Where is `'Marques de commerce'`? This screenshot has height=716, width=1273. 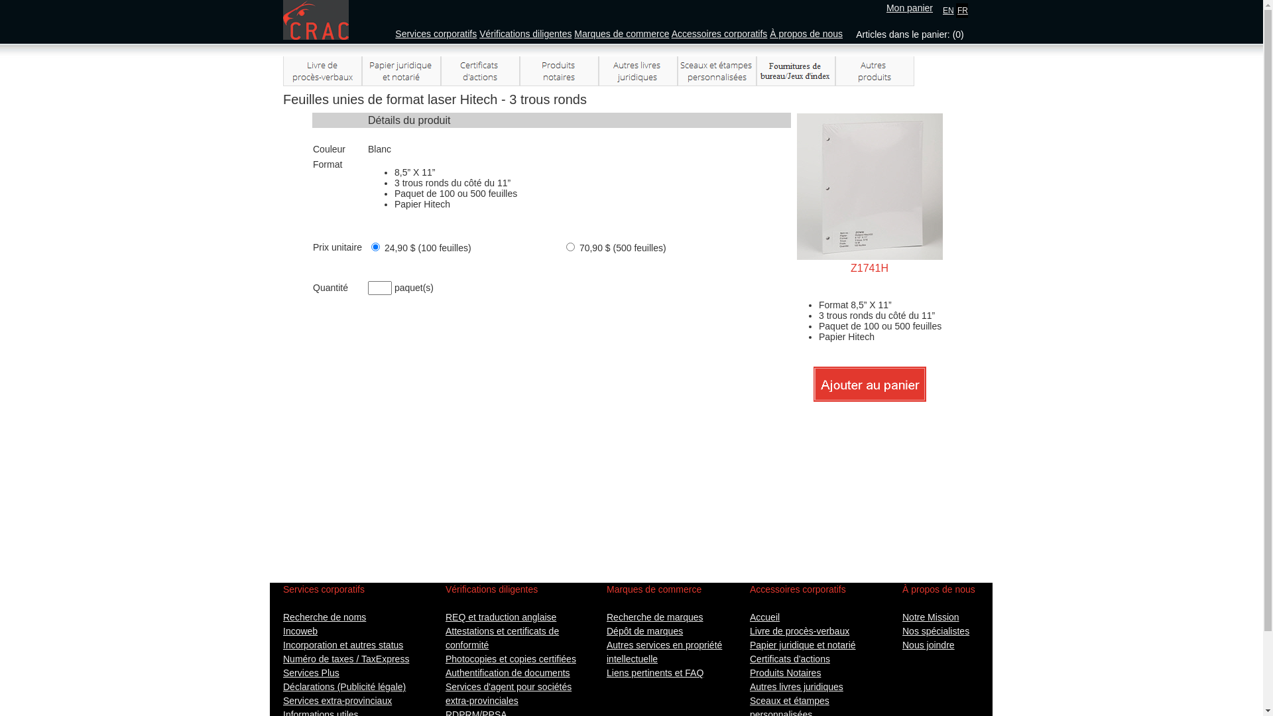
'Marques de commerce' is located at coordinates (621, 32).